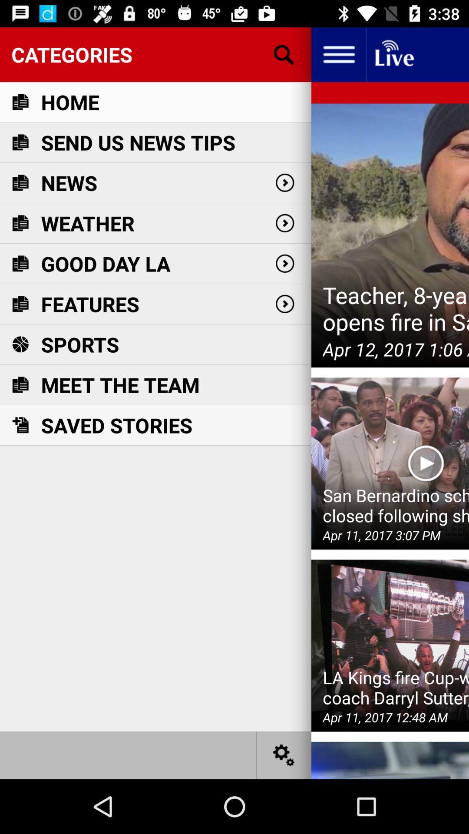  I want to click on the item below the home, so click(138, 142).